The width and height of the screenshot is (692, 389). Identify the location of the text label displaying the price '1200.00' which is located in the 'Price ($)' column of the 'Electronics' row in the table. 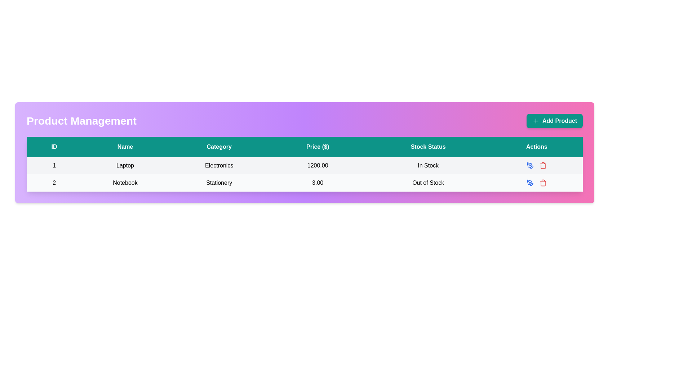
(317, 165).